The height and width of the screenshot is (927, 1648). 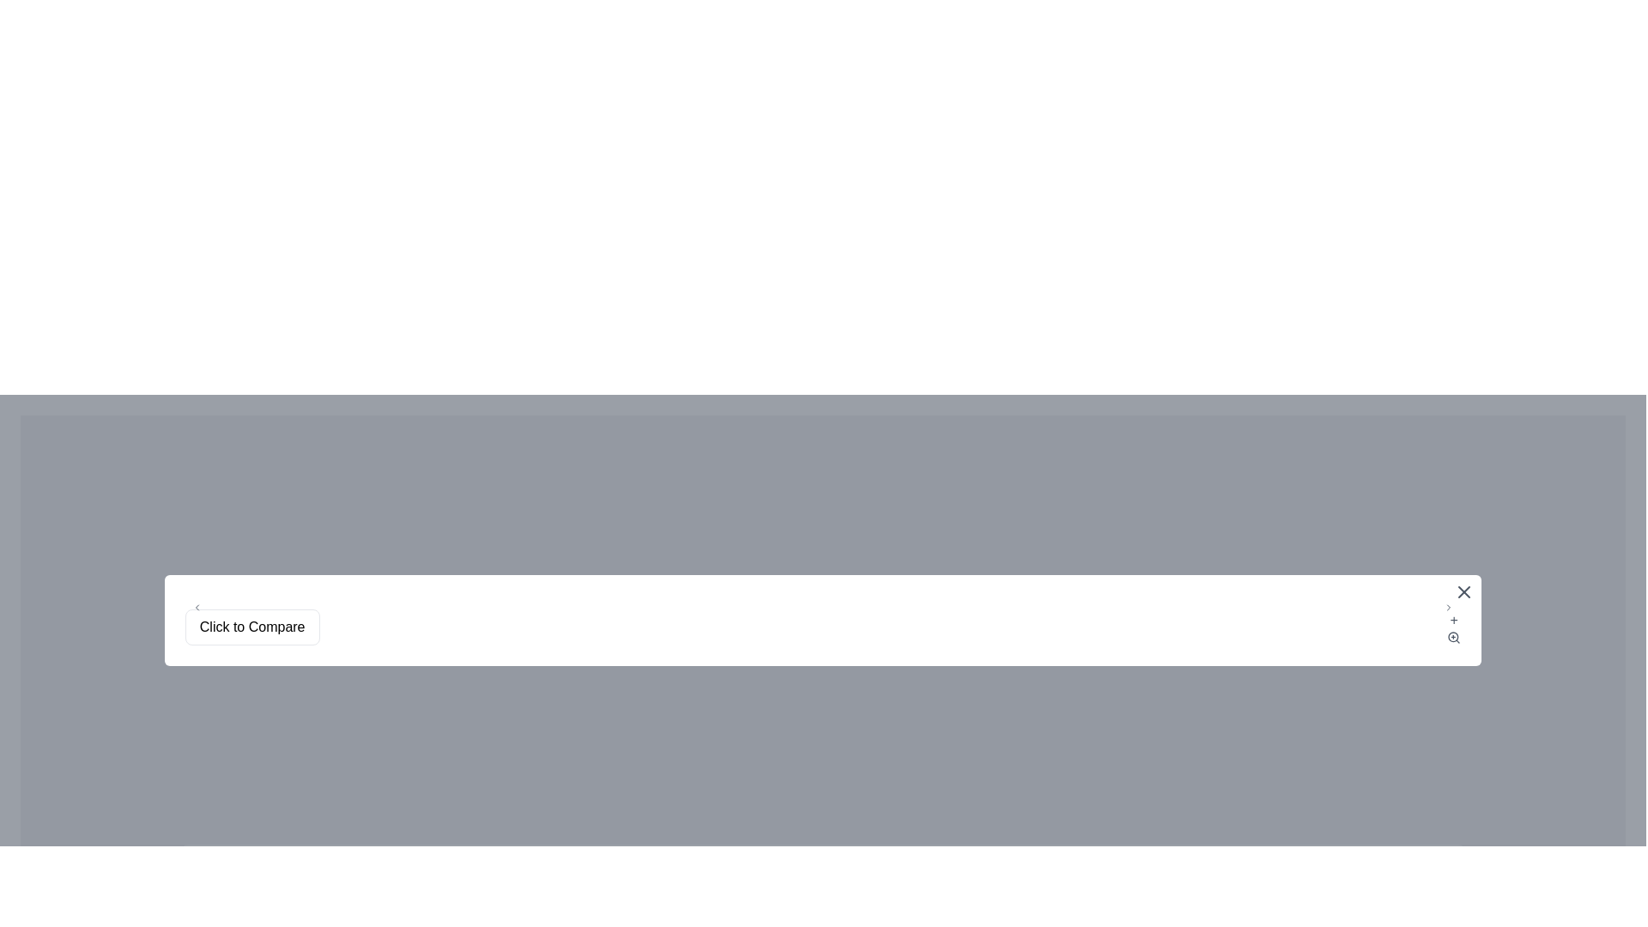 I want to click on the circular button-like icon with a light-gray background and a leftward chevron symbol, so click(x=197, y=607).